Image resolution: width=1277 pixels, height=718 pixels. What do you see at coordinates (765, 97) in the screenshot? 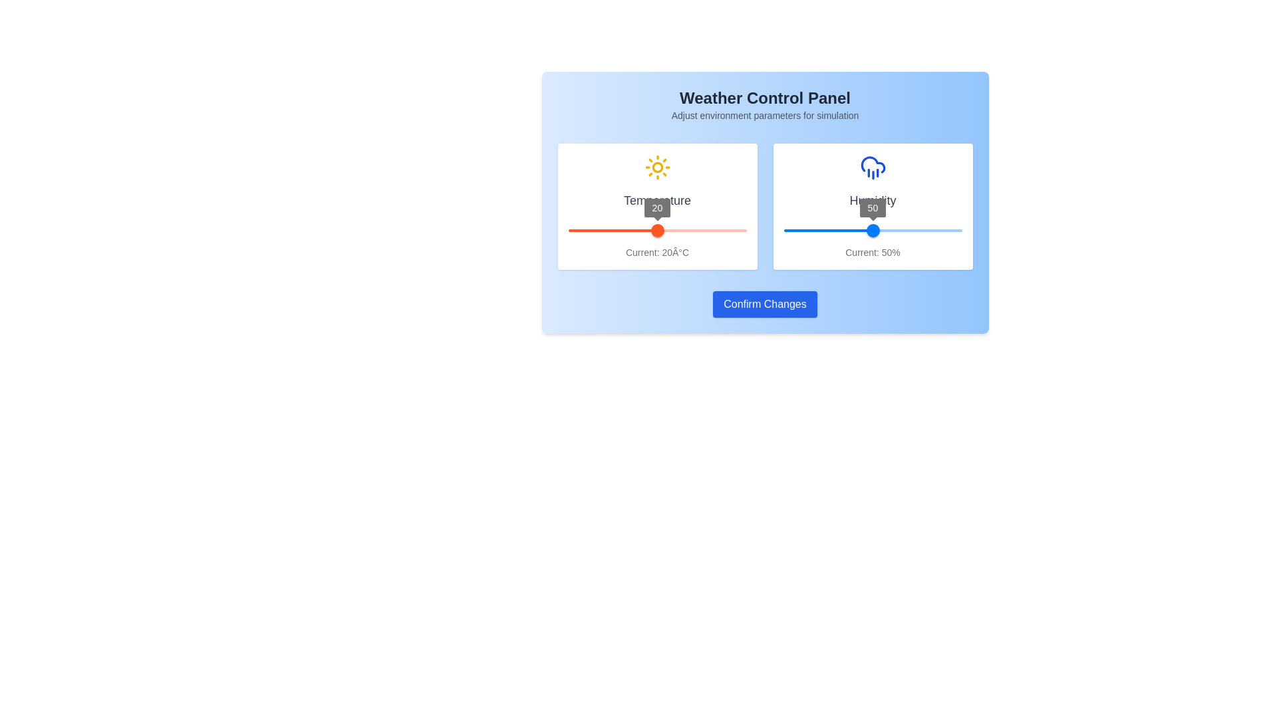
I see `the prominently styled heading text label 'Weather Control Panel' located at the top-center of the layout` at bounding box center [765, 97].